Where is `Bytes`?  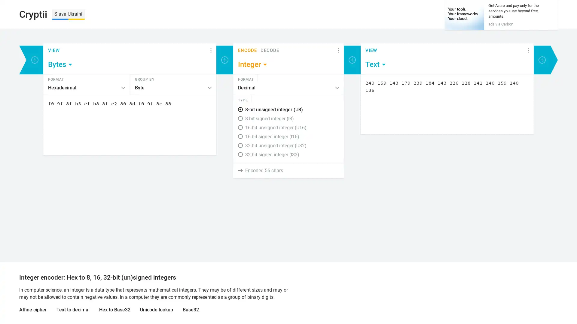
Bytes is located at coordinates (60, 64).